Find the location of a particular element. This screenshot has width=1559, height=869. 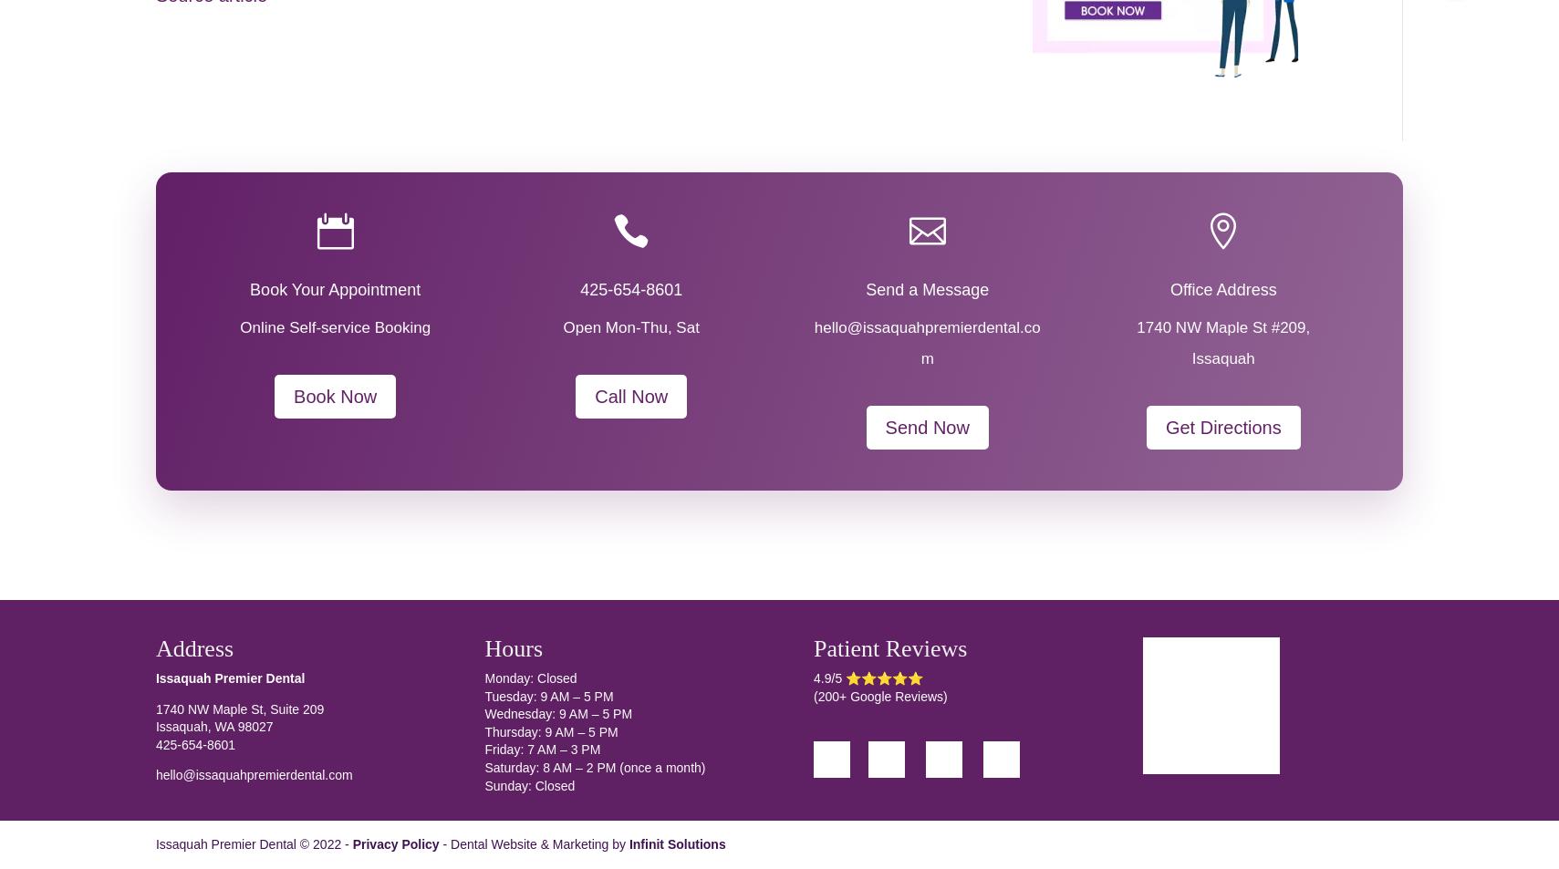

'Get Directions' is located at coordinates (1222, 426).